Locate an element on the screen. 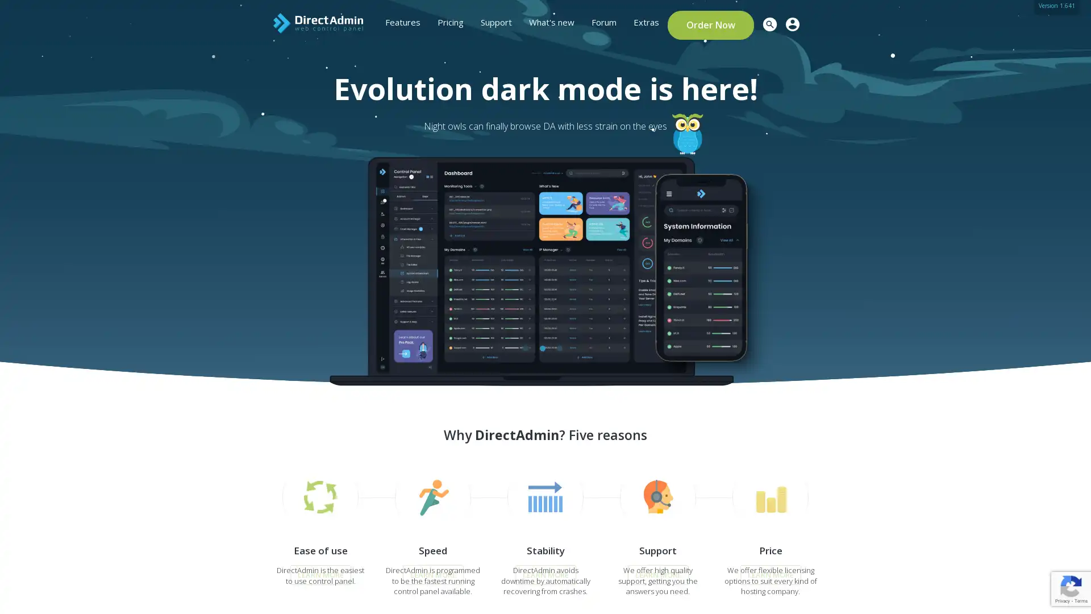  See more is located at coordinates (256, 252).